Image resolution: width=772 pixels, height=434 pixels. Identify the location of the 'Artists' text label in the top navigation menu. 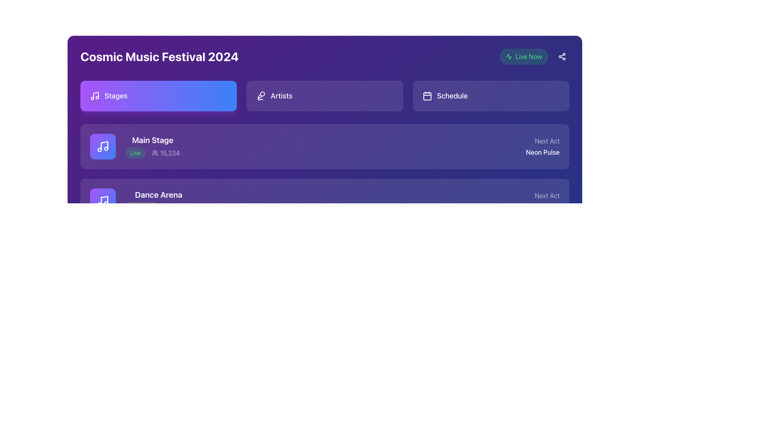
(281, 96).